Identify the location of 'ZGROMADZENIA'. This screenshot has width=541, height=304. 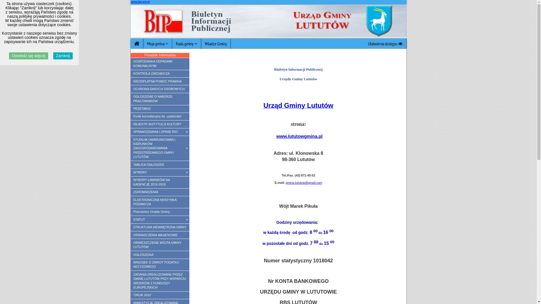
(130, 192).